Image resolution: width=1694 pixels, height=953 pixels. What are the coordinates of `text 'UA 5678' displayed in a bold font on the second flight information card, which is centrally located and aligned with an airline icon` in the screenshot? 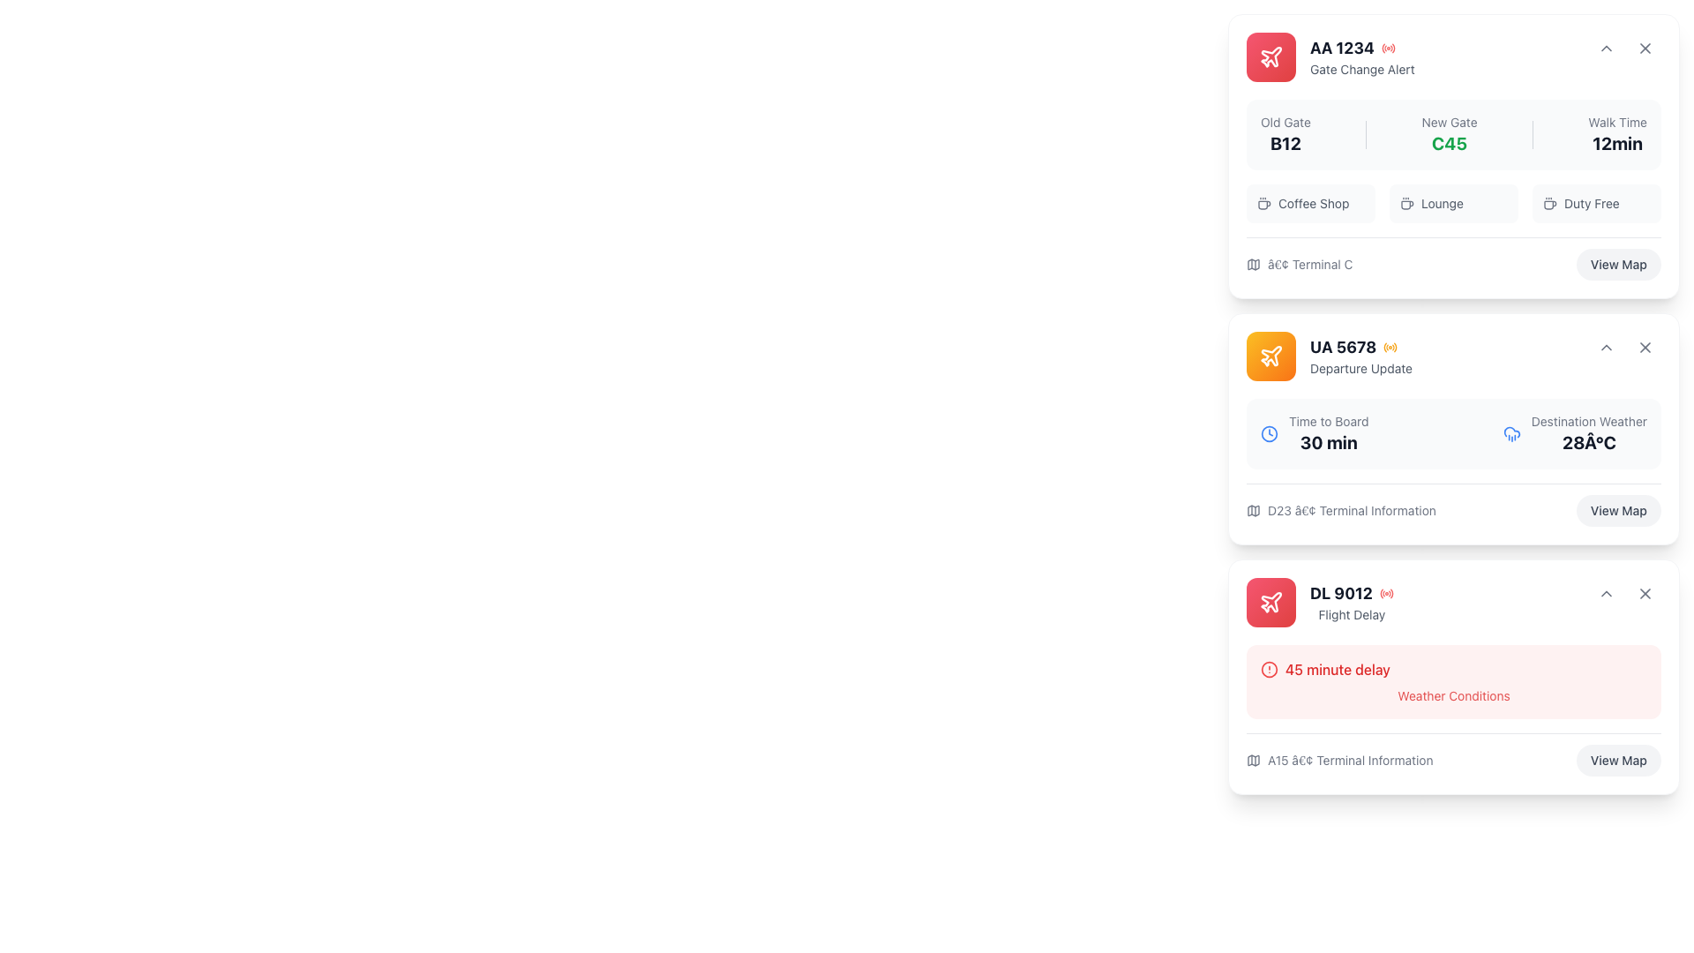 It's located at (1342, 347).